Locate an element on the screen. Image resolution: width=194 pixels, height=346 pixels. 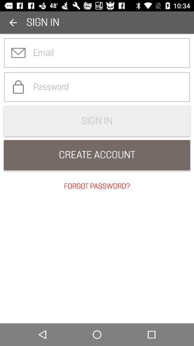
the forgot password? item is located at coordinates (97, 186).